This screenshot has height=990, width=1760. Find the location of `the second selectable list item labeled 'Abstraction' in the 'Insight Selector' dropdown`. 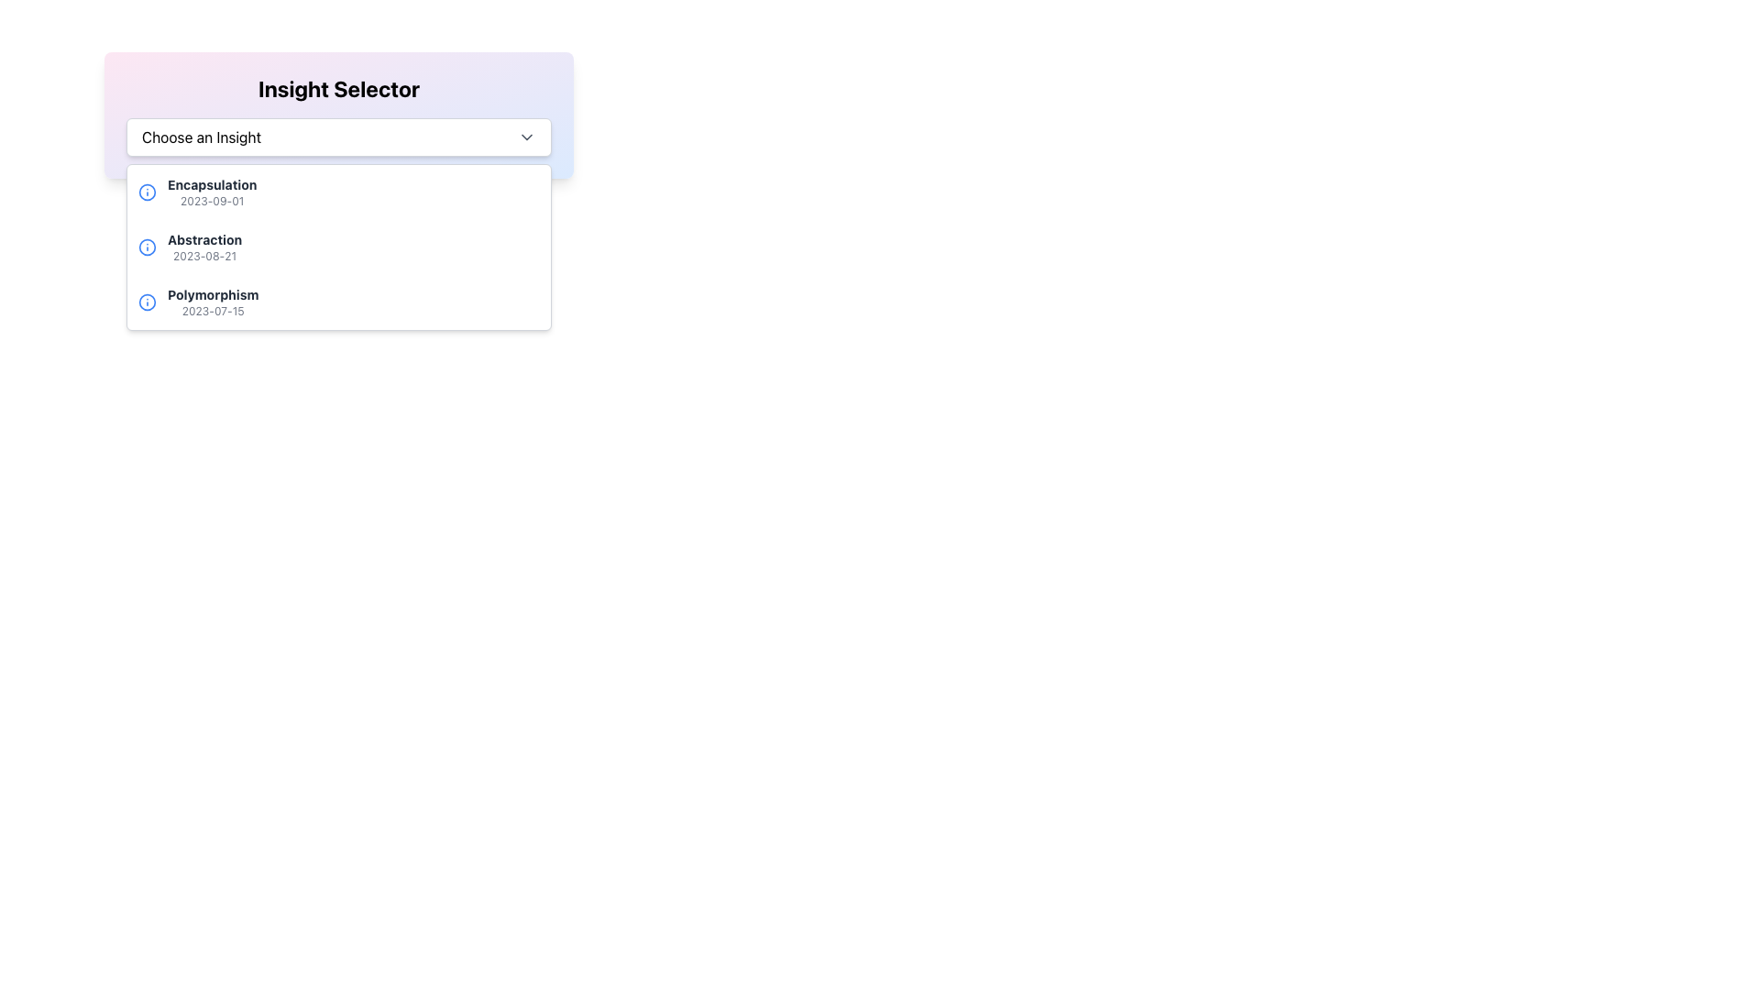

the second selectable list item labeled 'Abstraction' in the 'Insight Selector' dropdown is located at coordinates (204, 247).